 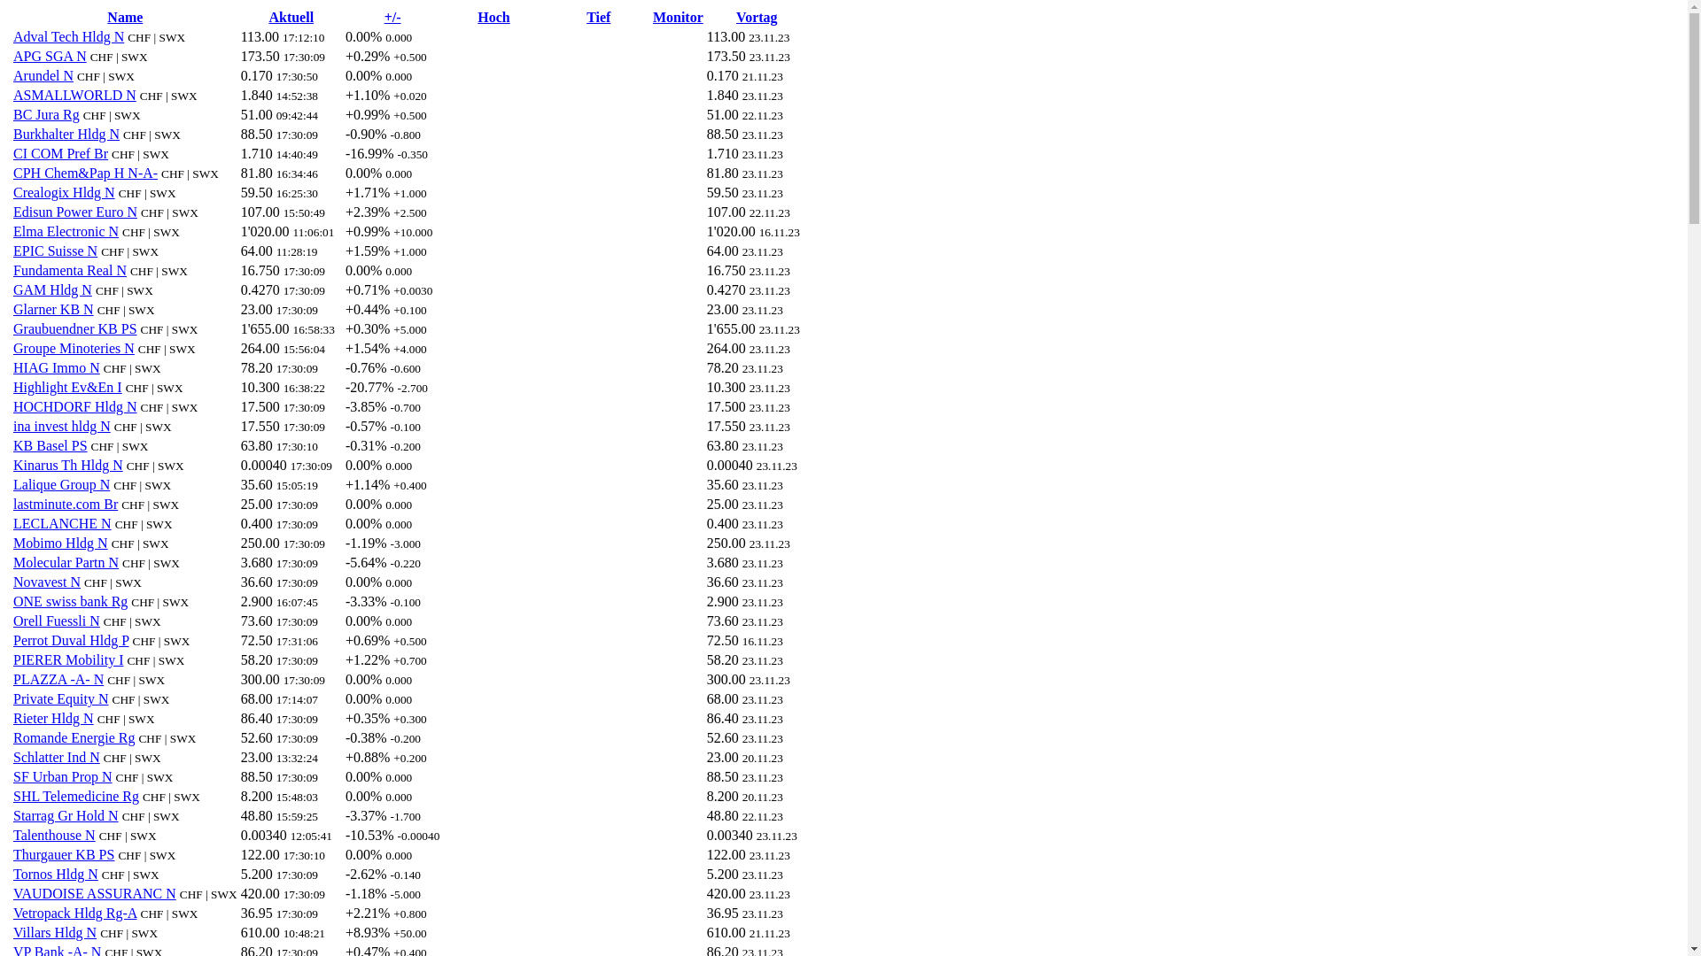 I want to click on 'Hoch', so click(x=493, y=17).